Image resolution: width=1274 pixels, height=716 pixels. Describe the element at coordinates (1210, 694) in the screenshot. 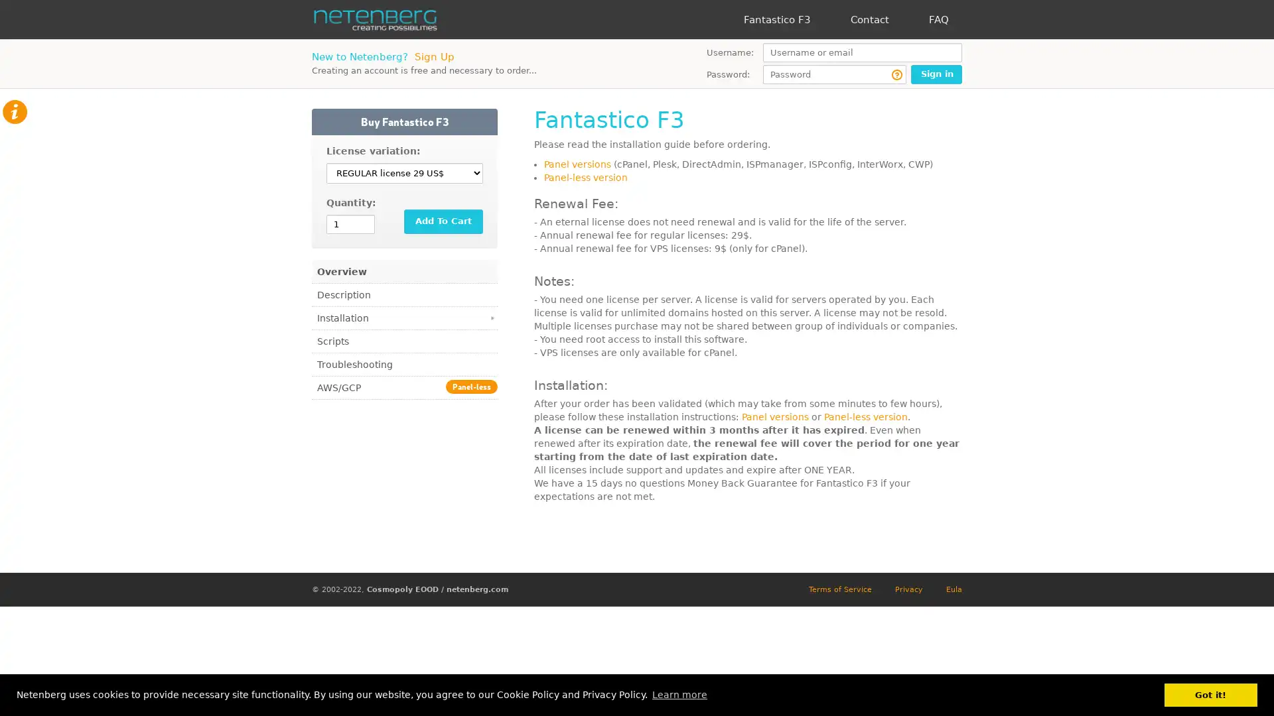

I see `dismiss cookie message` at that location.